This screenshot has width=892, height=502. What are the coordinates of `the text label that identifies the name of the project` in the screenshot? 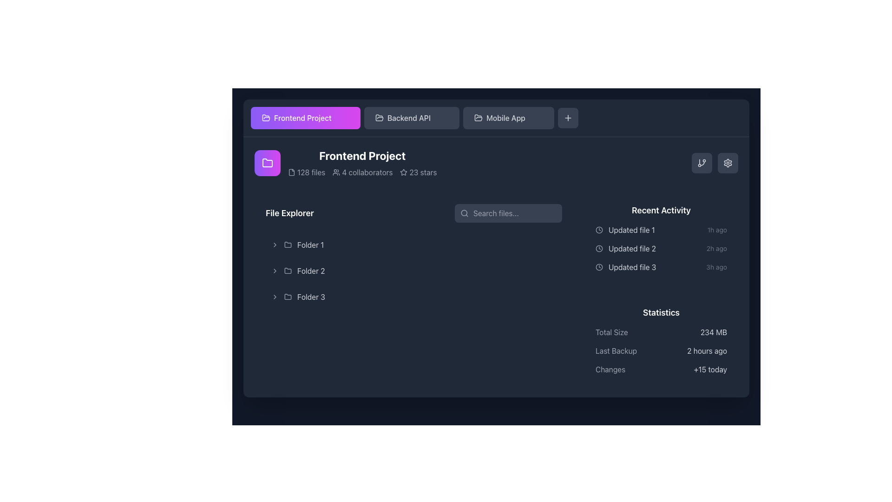 It's located at (302, 118).